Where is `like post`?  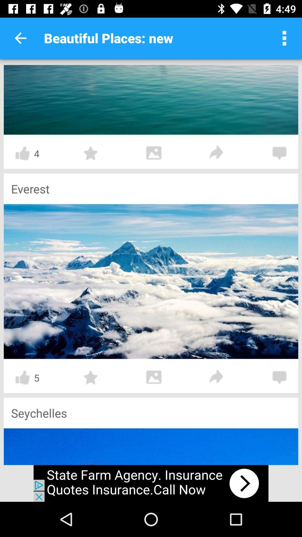
like post is located at coordinates (22, 377).